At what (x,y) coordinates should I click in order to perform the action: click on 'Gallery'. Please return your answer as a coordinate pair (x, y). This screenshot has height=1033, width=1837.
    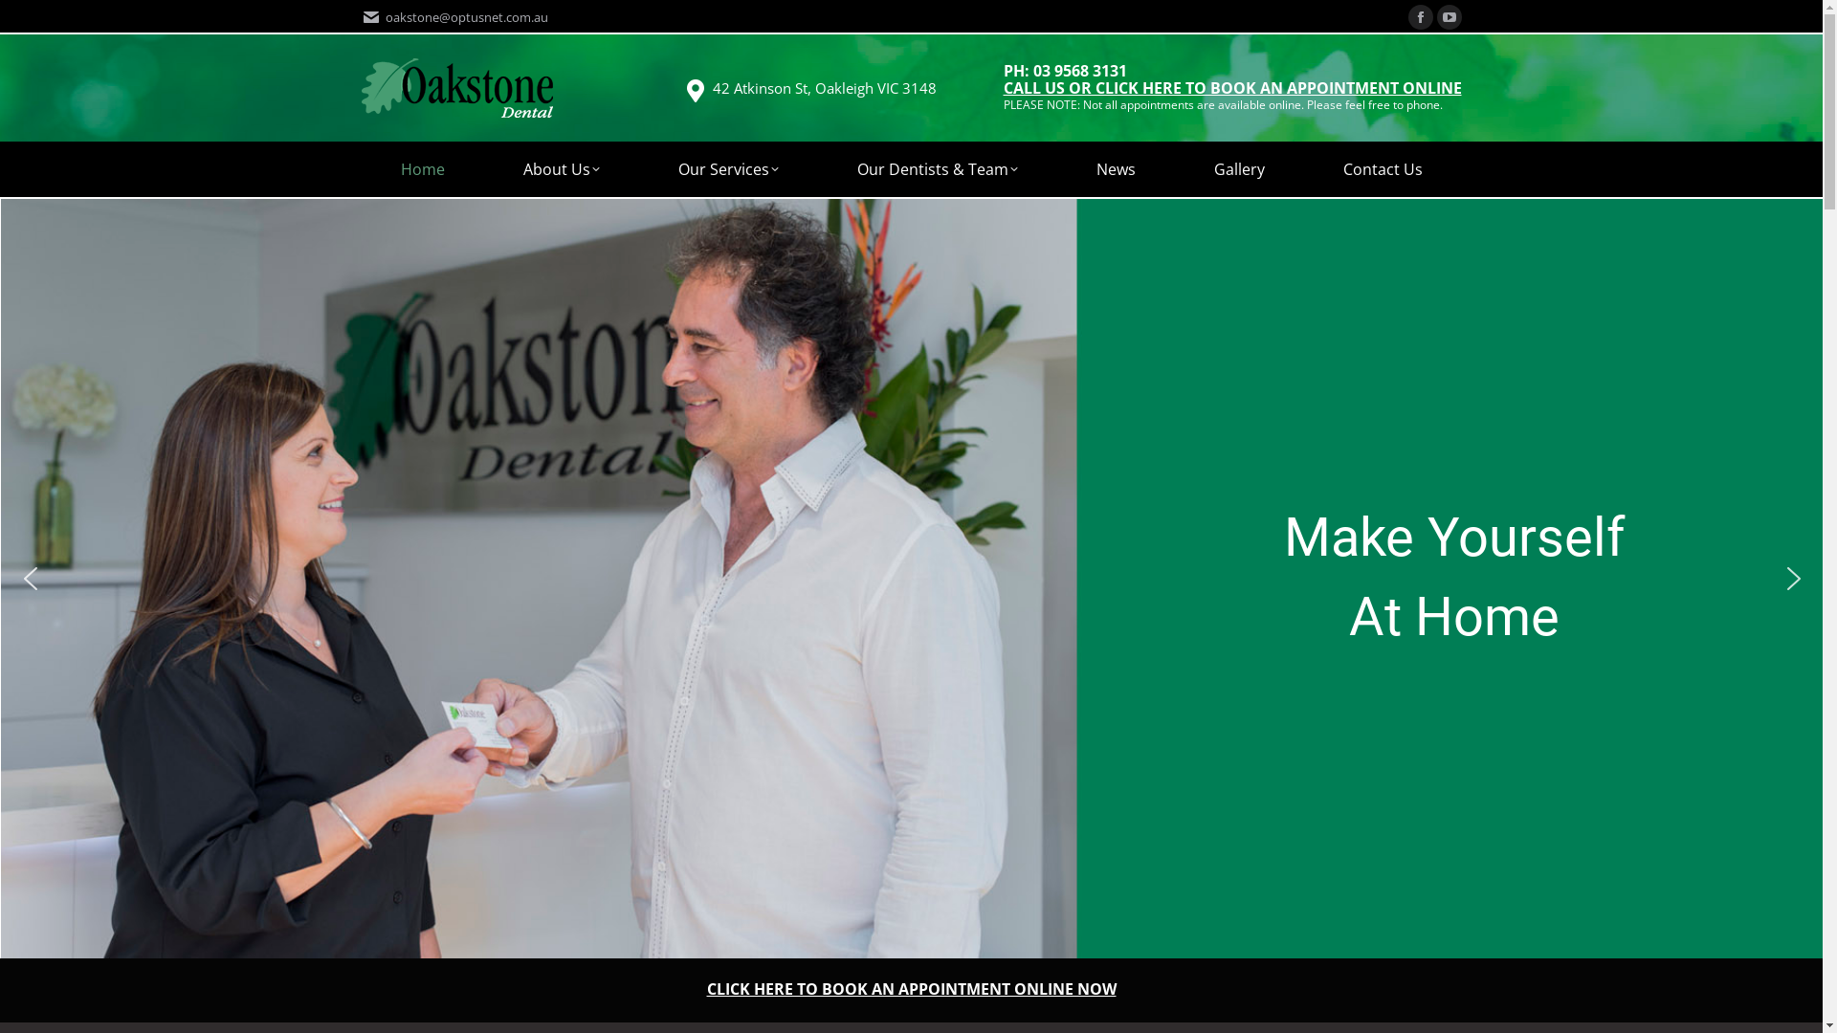
    Looking at the image, I should click on (1239, 168).